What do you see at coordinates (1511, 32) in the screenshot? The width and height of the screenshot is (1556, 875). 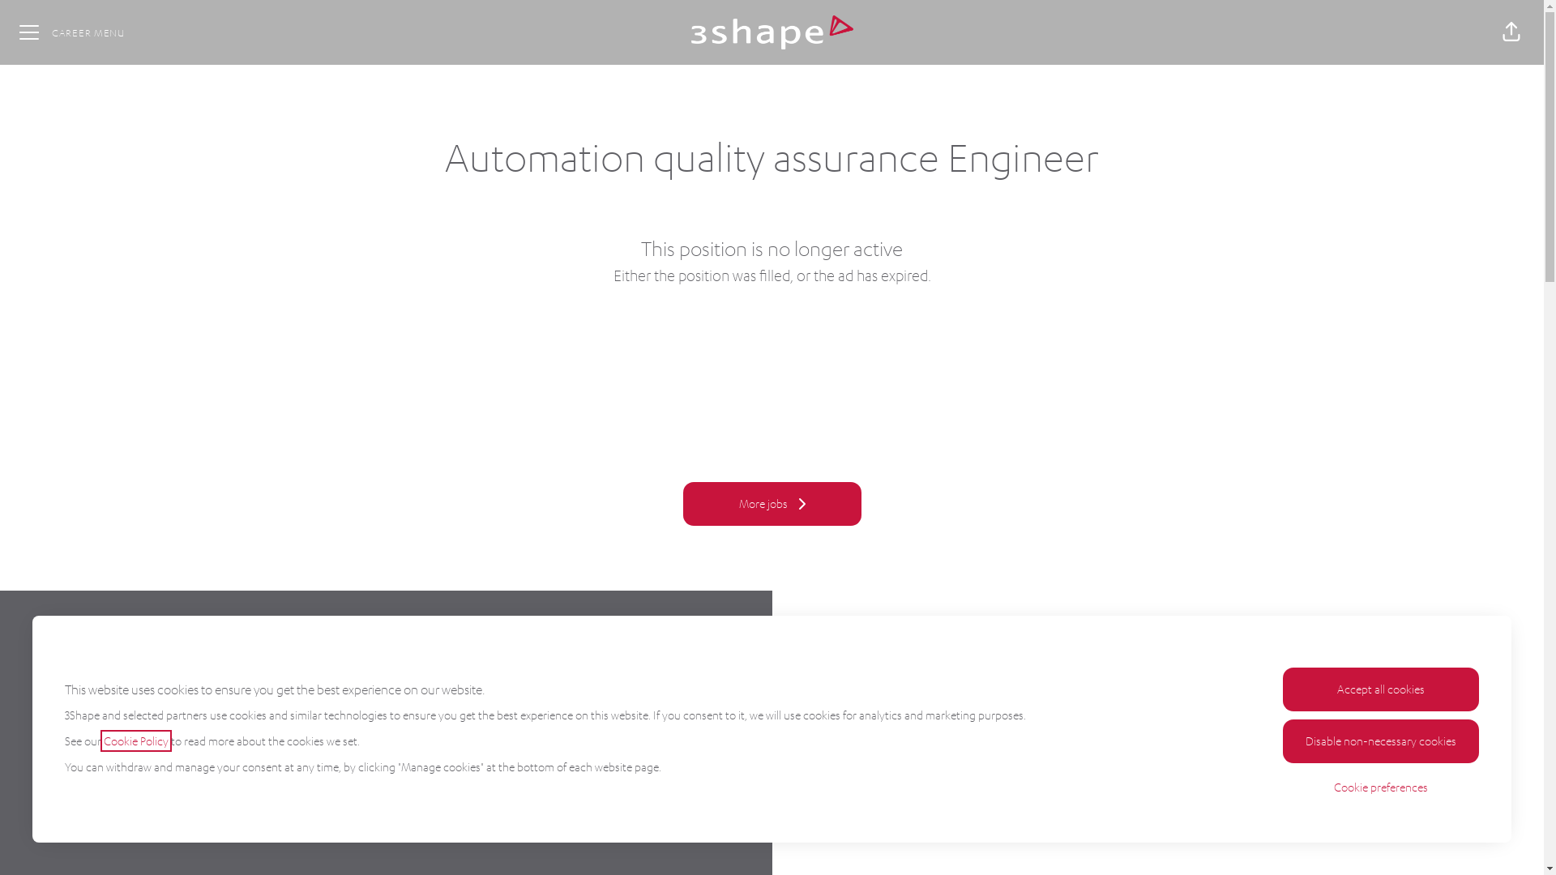 I see `'Share page'` at bounding box center [1511, 32].